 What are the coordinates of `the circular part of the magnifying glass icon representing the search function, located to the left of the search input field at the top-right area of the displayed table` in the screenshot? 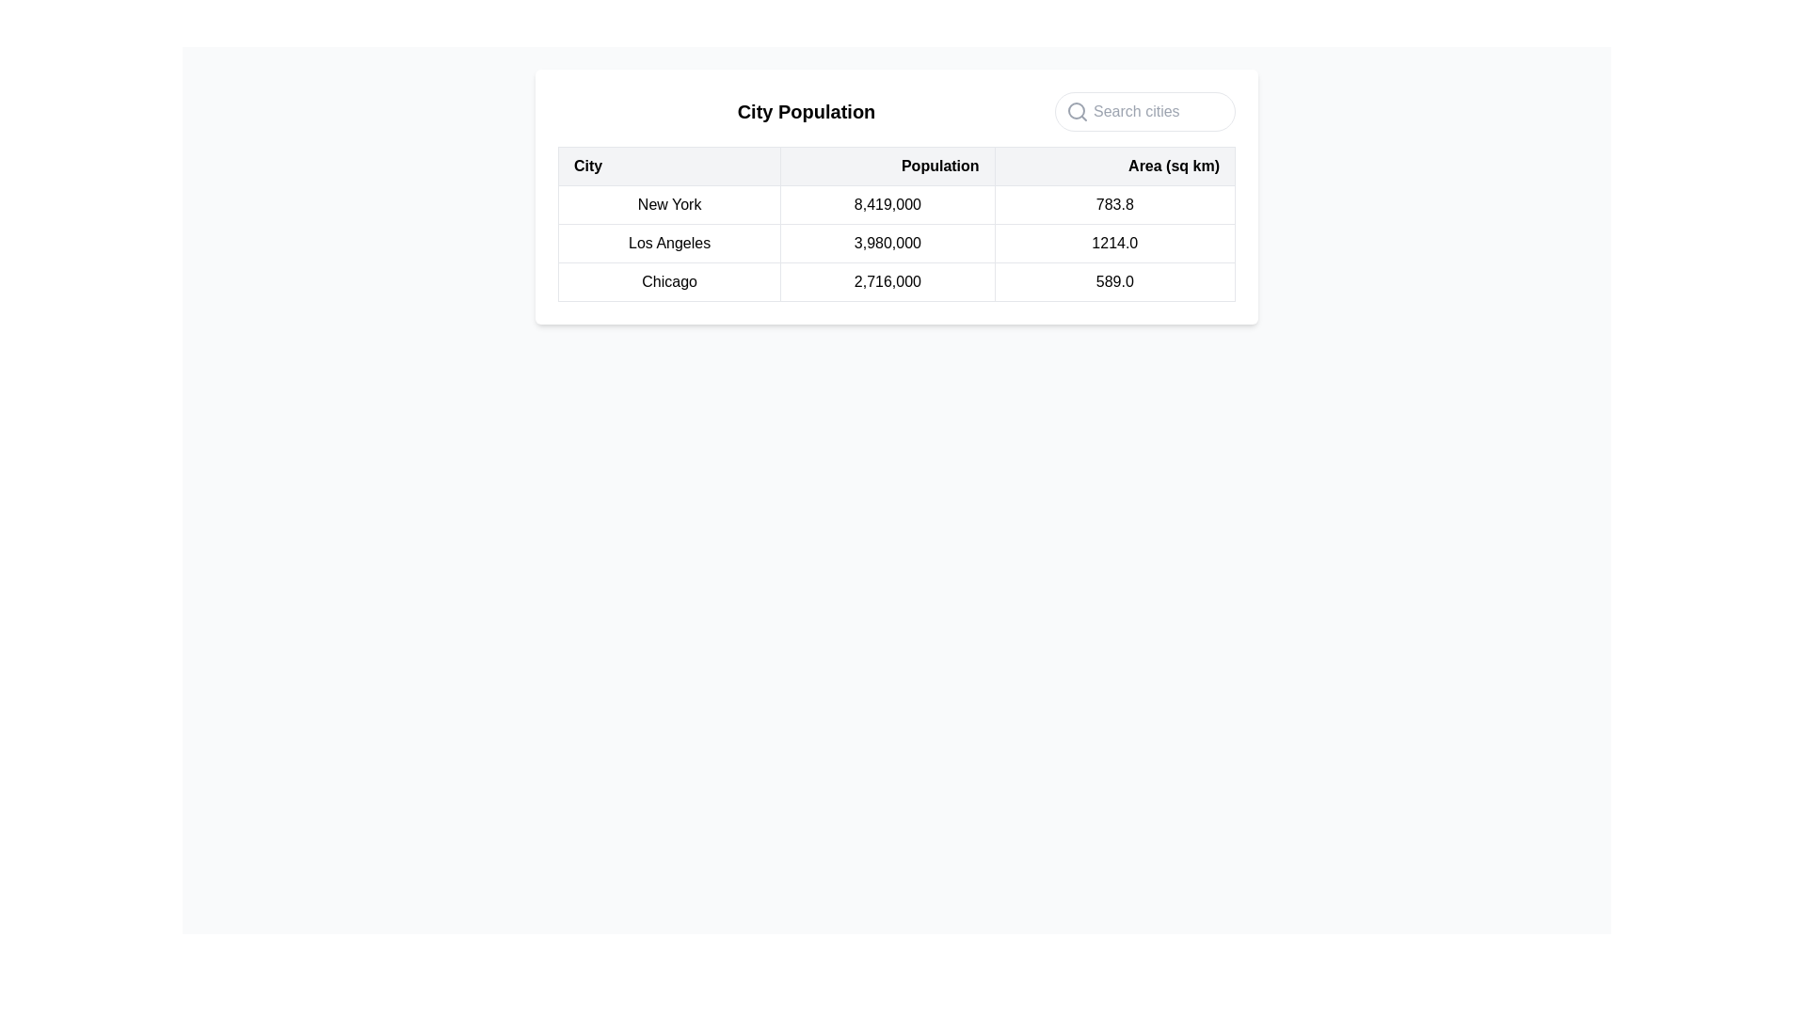 It's located at (1076, 111).